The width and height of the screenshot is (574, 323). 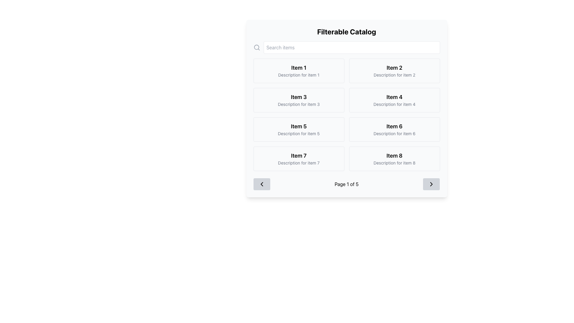 What do you see at coordinates (394, 133) in the screenshot?
I see `the text label displaying 'Description for item 6', which is located below the title 'Item 6' in the catalog interface` at bounding box center [394, 133].